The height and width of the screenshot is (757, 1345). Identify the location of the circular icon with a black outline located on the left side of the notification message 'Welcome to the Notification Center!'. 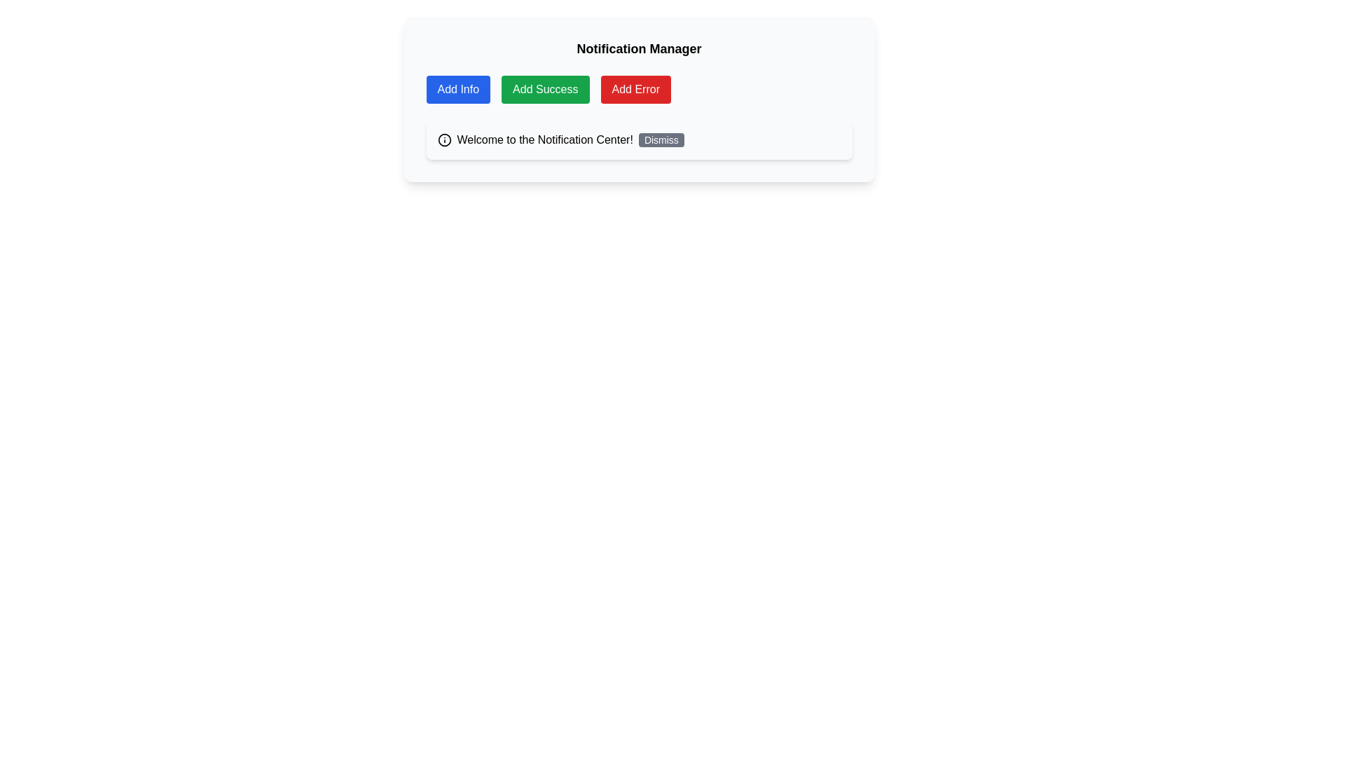
(443, 140).